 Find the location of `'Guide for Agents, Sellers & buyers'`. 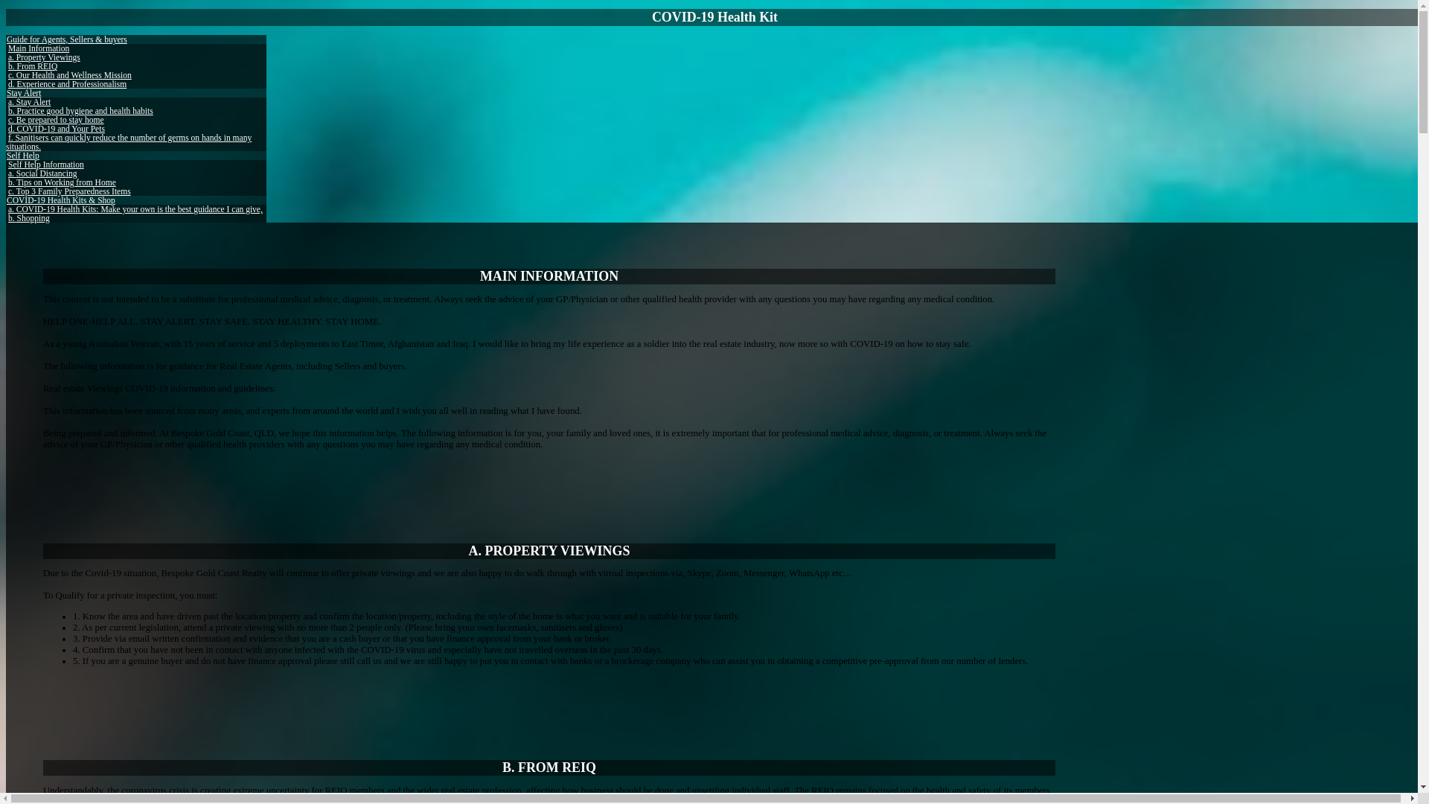

'Guide for Agents, Sellers & buyers' is located at coordinates (6, 39).